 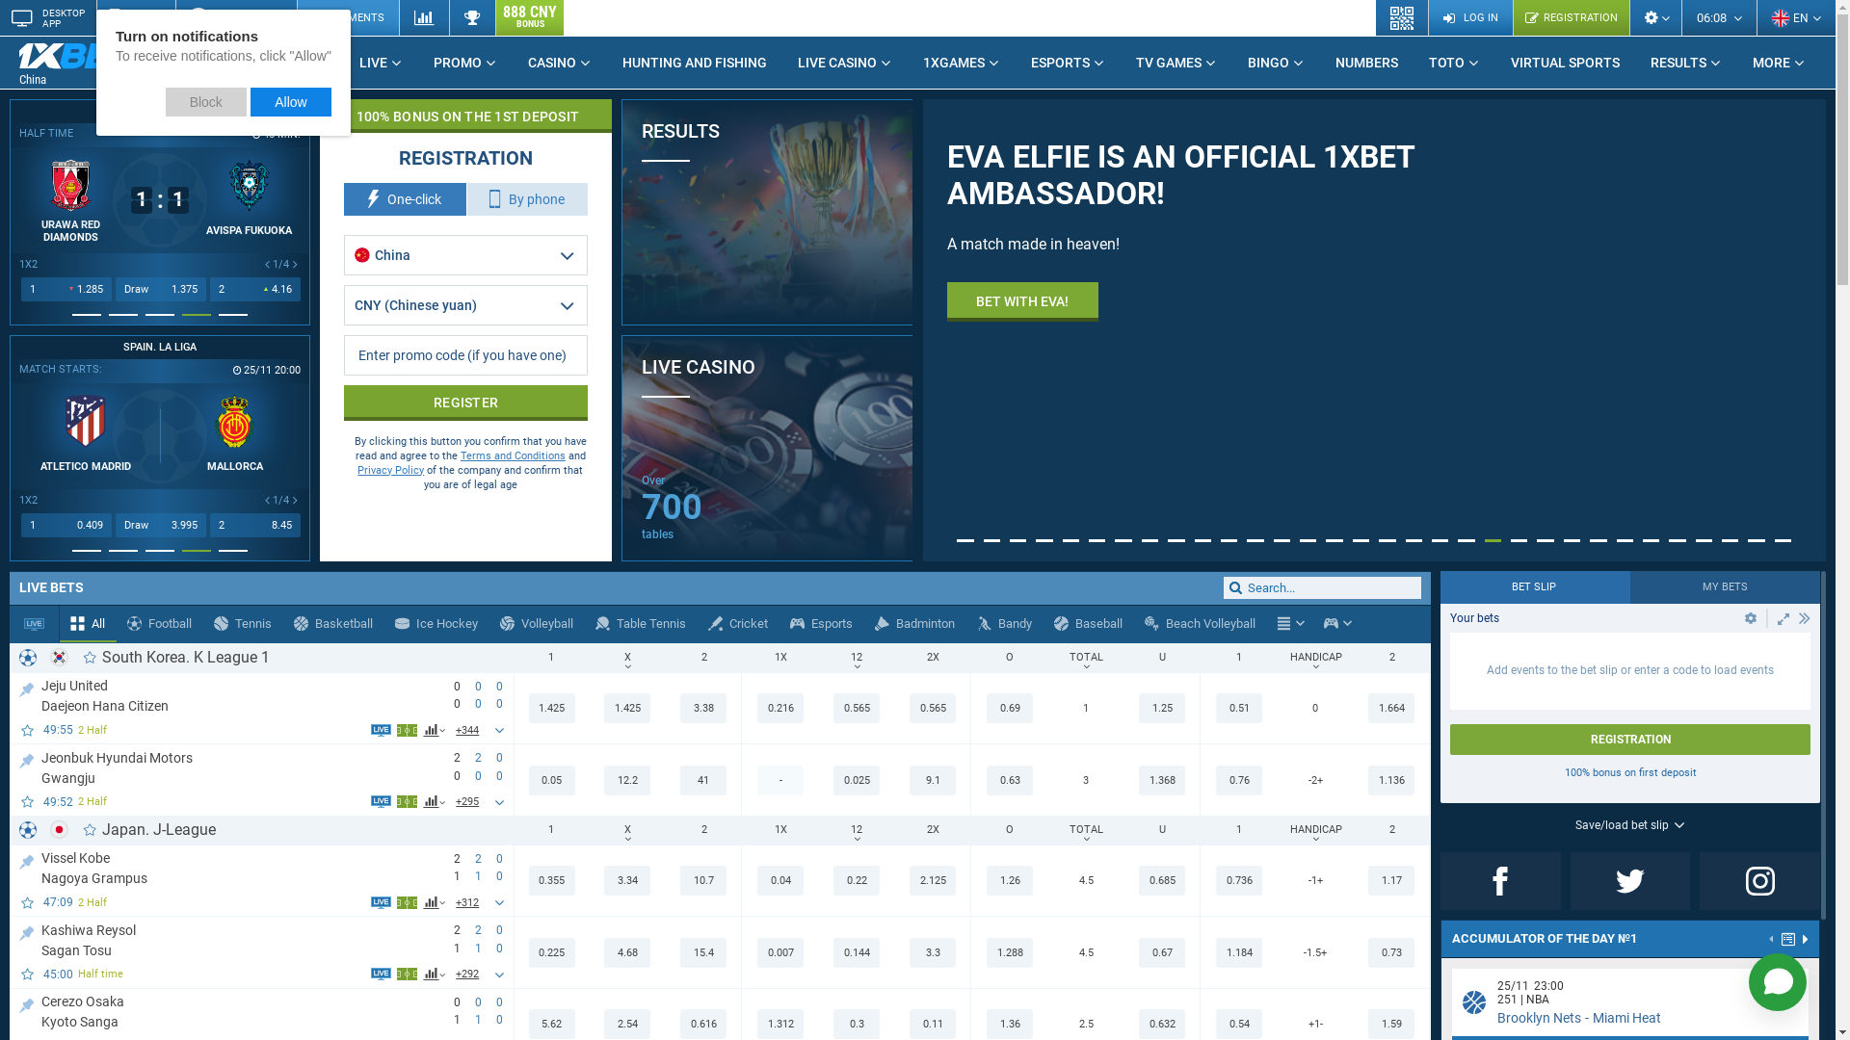 I want to click on 'Add event to favorites', so click(x=28, y=974).